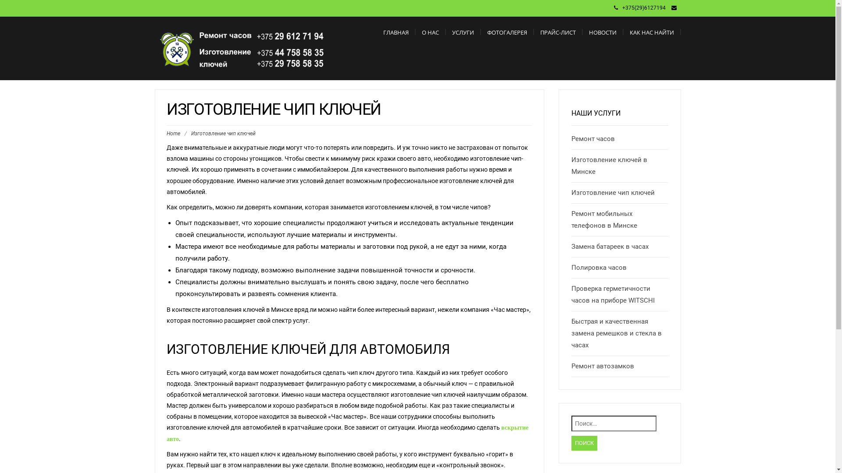 The width and height of the screenshot is (842, 473). I want to click on 'Home', so click(173, 133).